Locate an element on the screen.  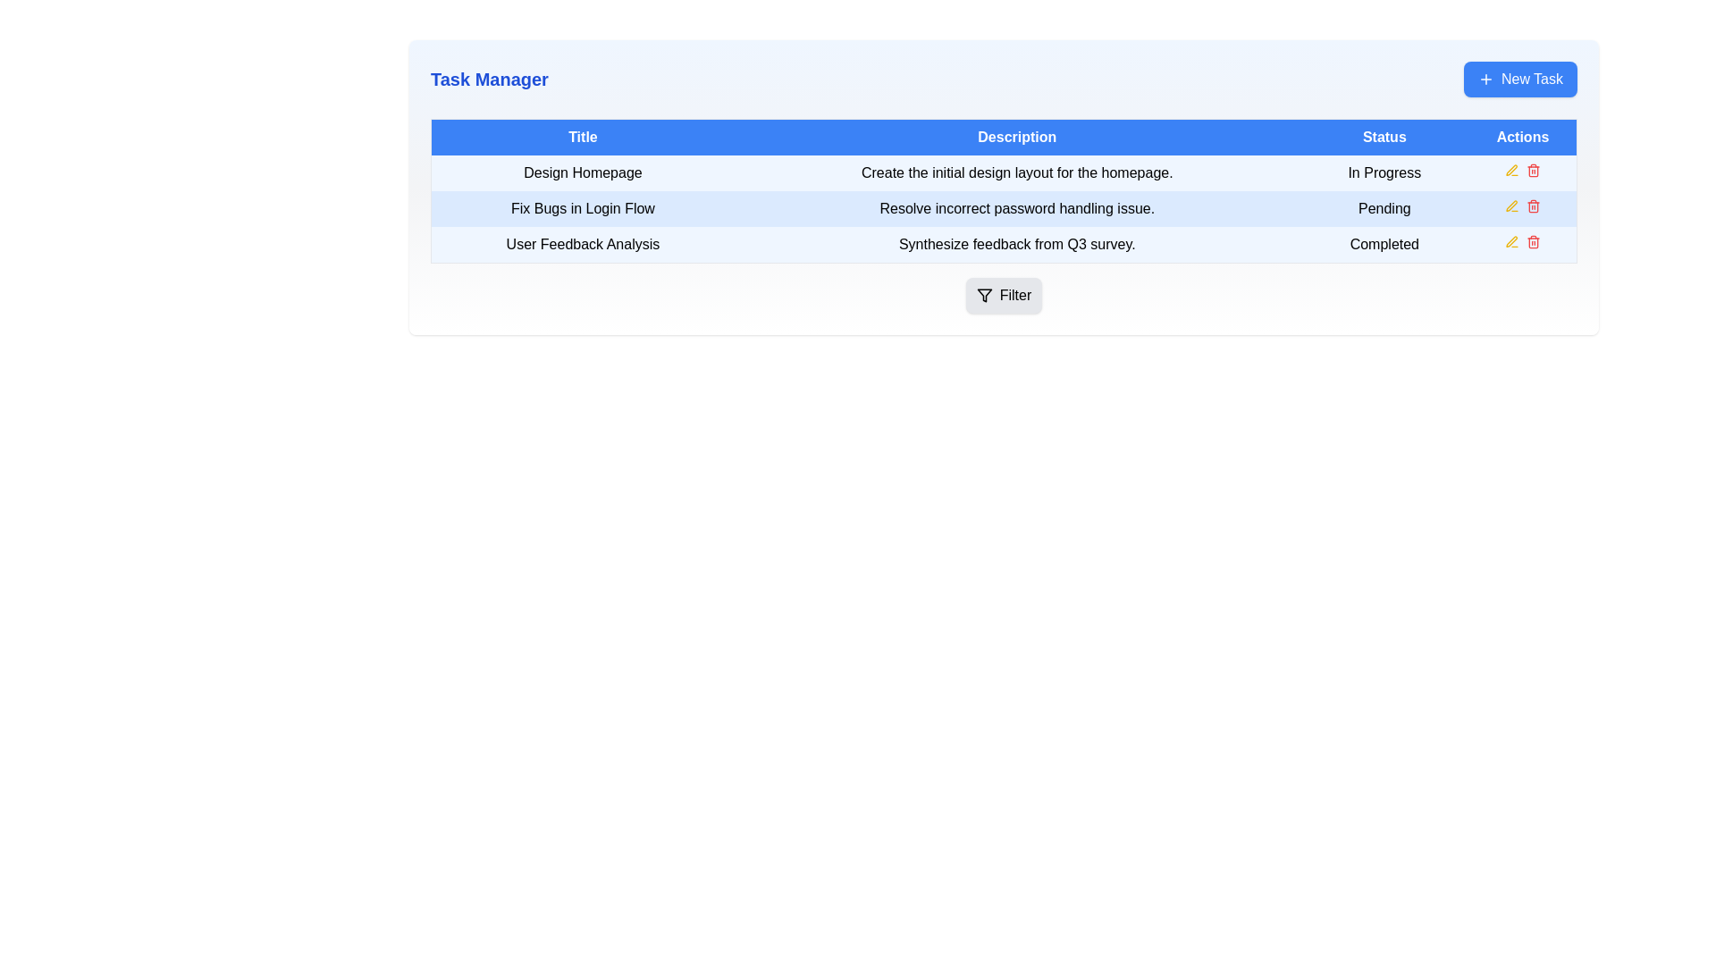
the 'New Task' text label within the button located at the top-right of the interface to interact with the associated button is located at coordinates (1531, 78).